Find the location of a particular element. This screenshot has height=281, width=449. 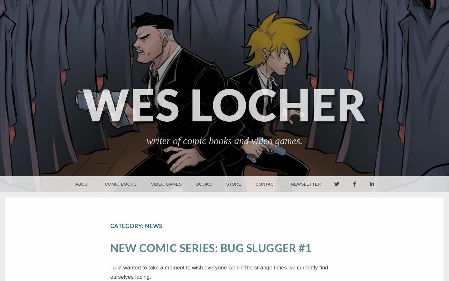

'I just wanted to take a moment to wish everyone well in the strange times we currently find ourselves facing.' is located at coordinates (219, 272).